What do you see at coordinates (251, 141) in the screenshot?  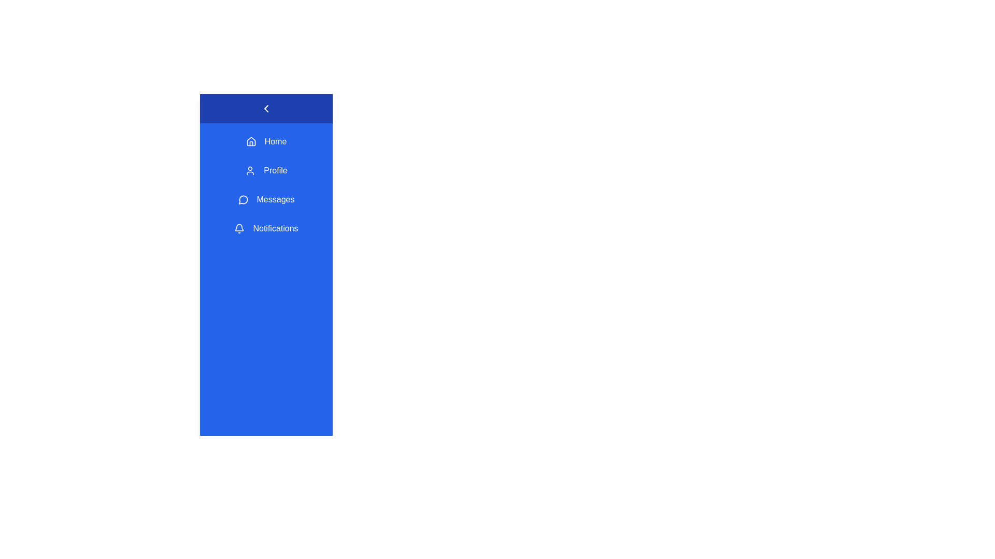 I see `the Home icon in the sidebar menu` at bounding box center [251, 141].